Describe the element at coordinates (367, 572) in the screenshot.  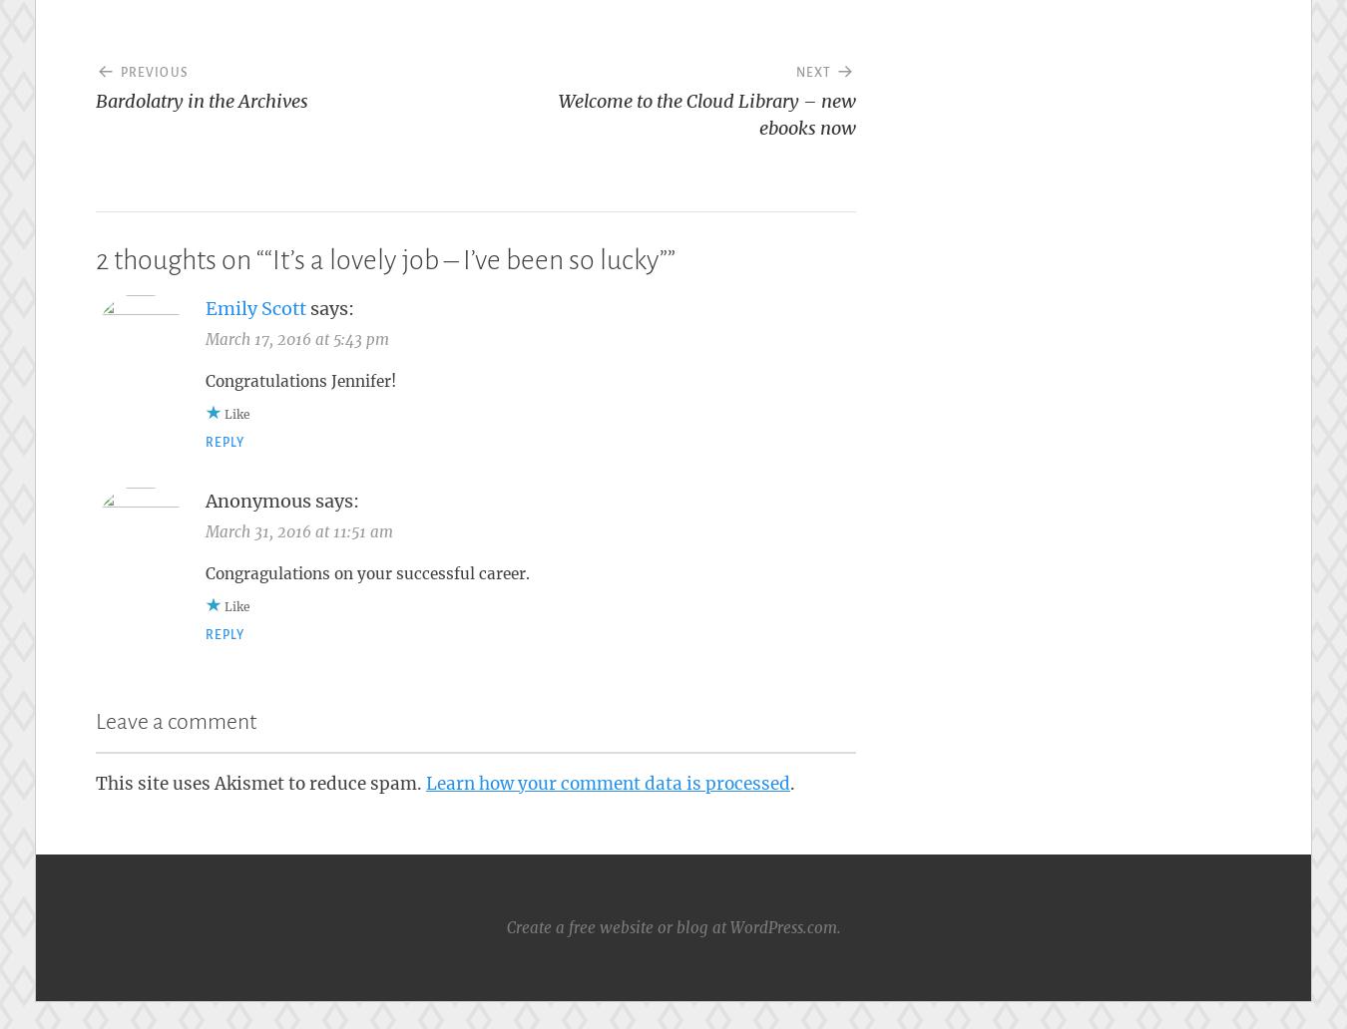
I see `'Congragulations on your successful career.'` at that location.